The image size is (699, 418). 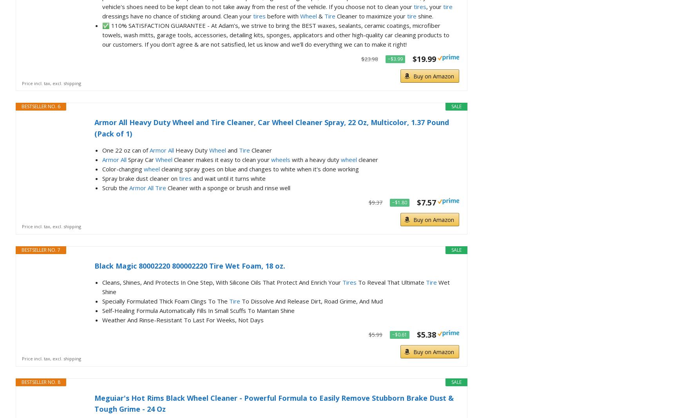 What do you see at coordinates (281, 159) in the screenshot?
I see `'wheels'` at bounding box center [281, 159].